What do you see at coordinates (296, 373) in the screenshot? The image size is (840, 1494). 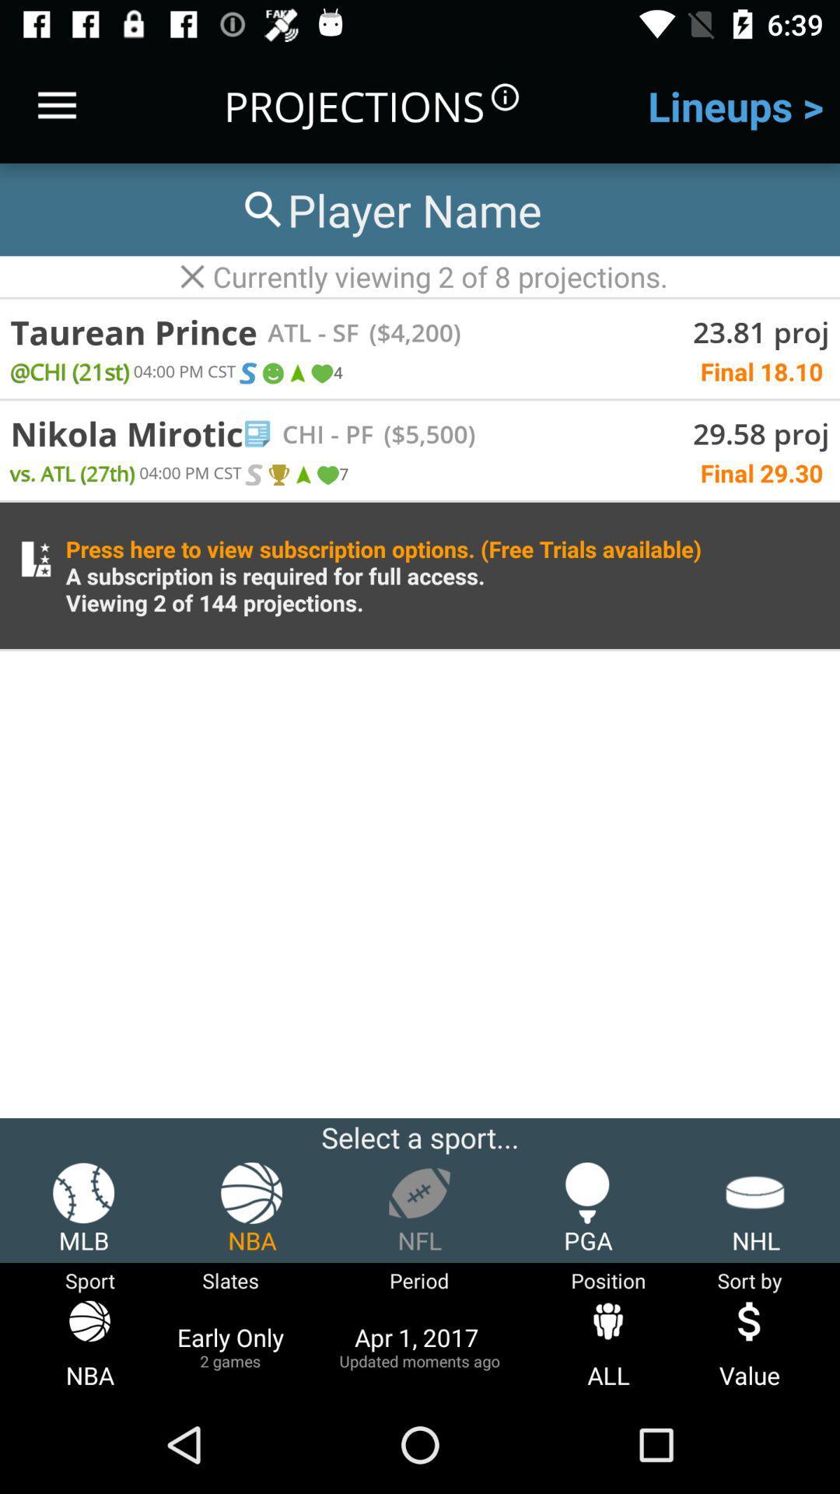 I see `icon below atl` at bounding box center [296, 373].